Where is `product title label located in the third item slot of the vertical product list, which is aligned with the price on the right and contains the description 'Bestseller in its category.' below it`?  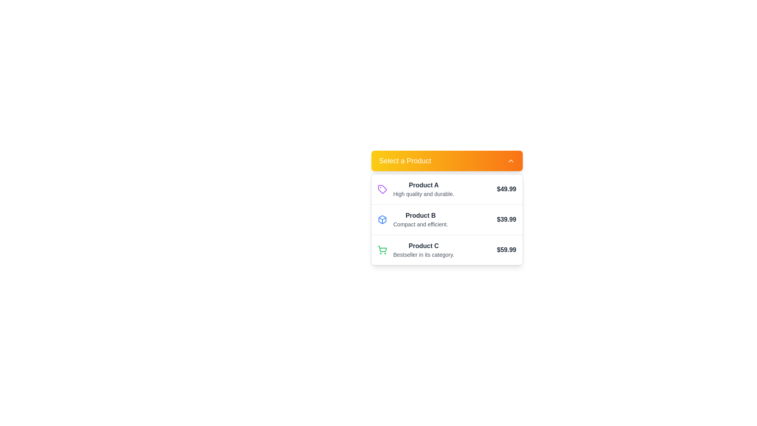 product title label located in the third item slot of the vertical product list, which is aligned with the price on the right and contains the description 'Bestseller in its category.' below it is located at coordinates (423, 246).